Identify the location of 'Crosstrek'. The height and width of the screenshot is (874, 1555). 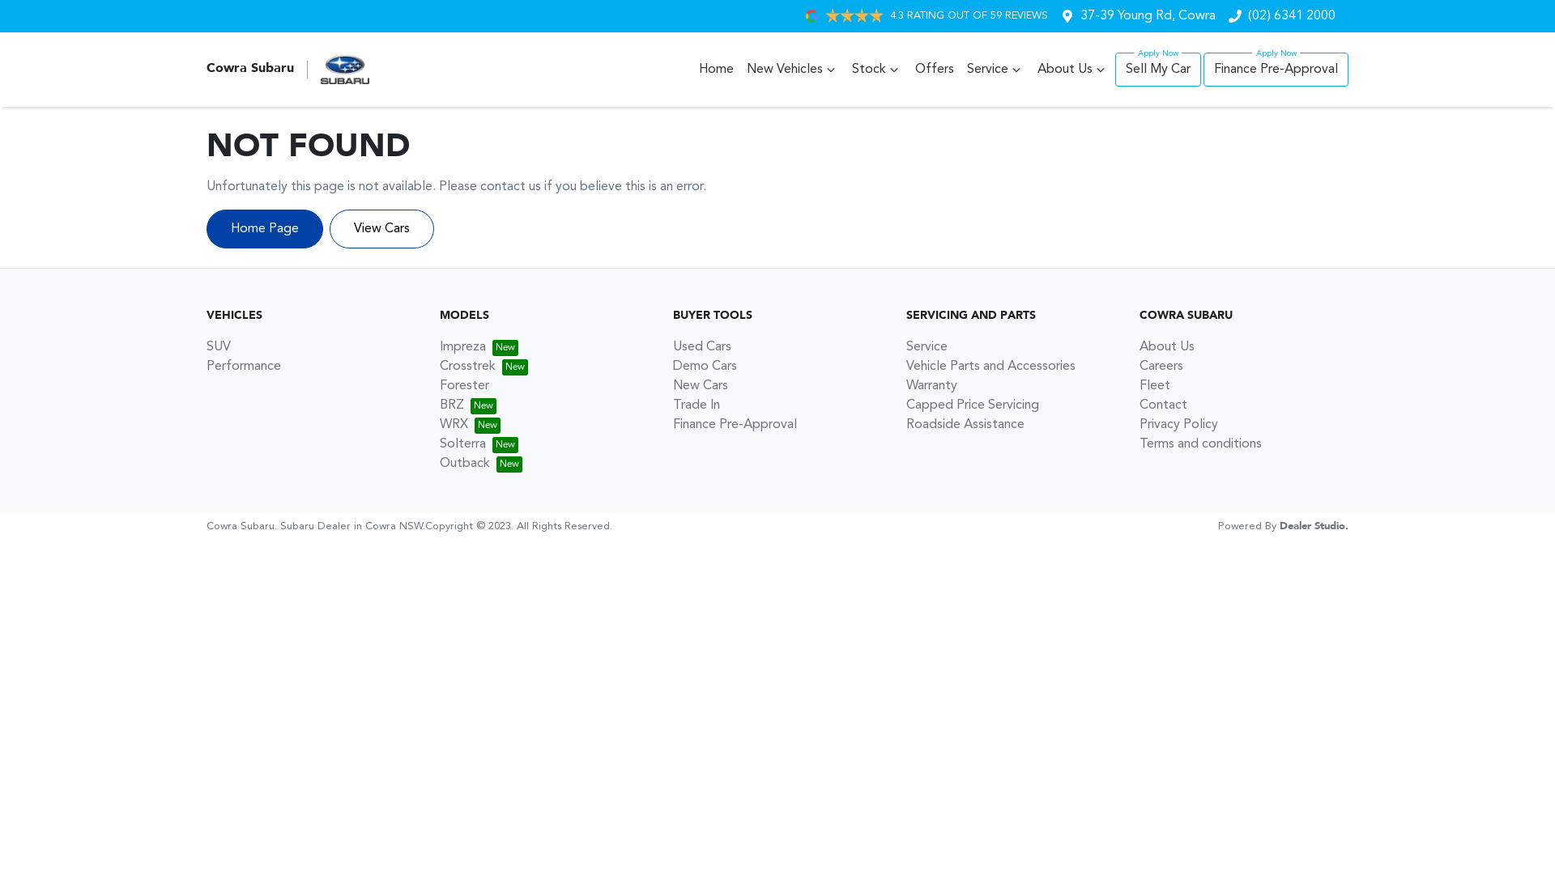
(483, 366).